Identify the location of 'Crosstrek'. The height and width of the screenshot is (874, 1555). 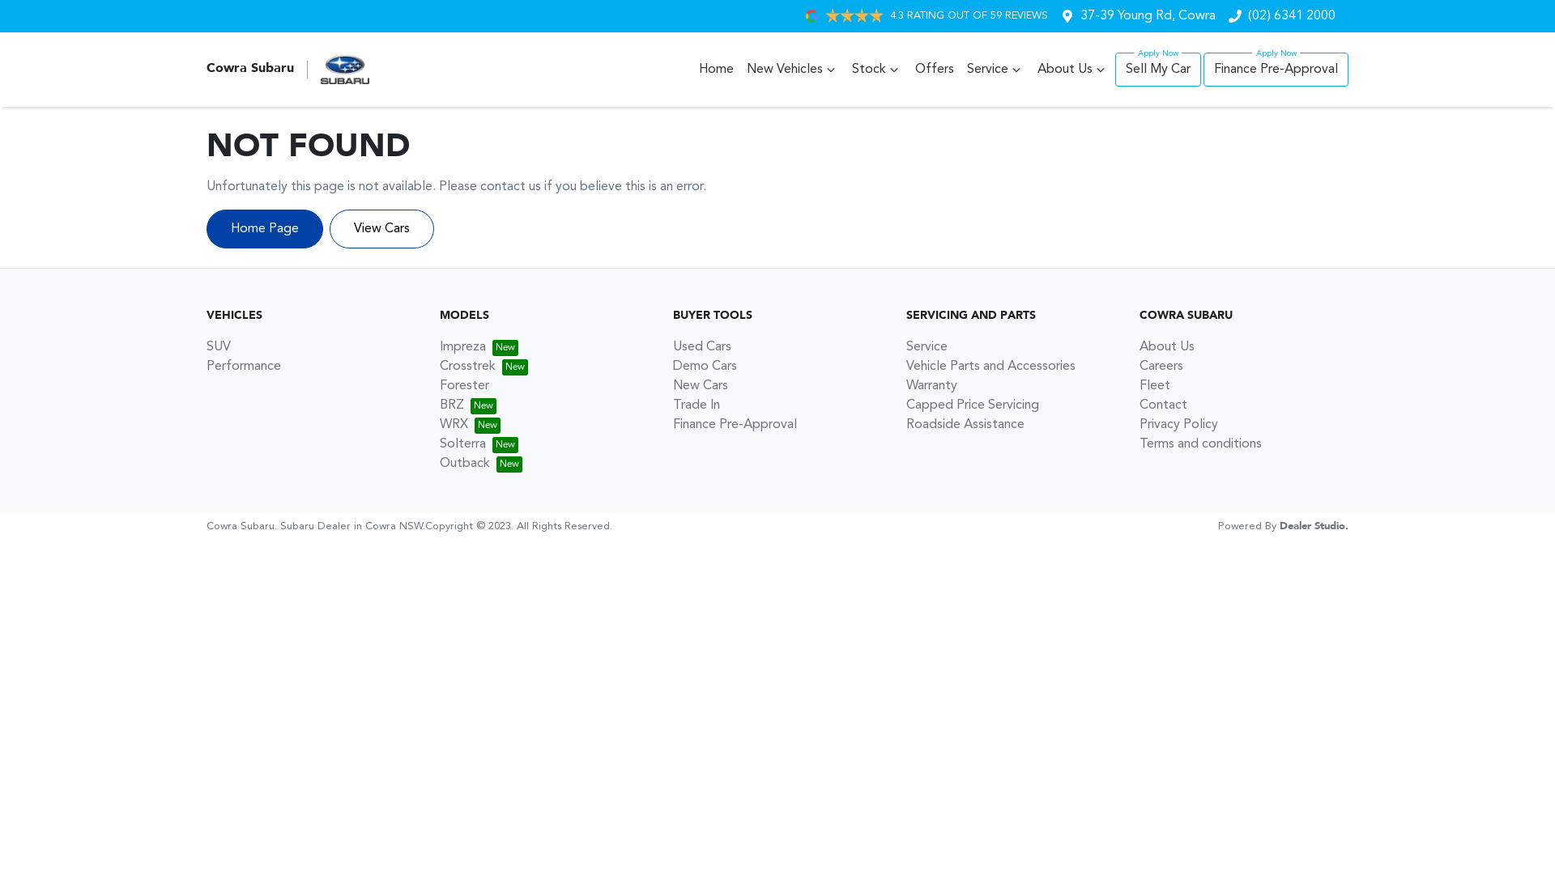
(483, 366).